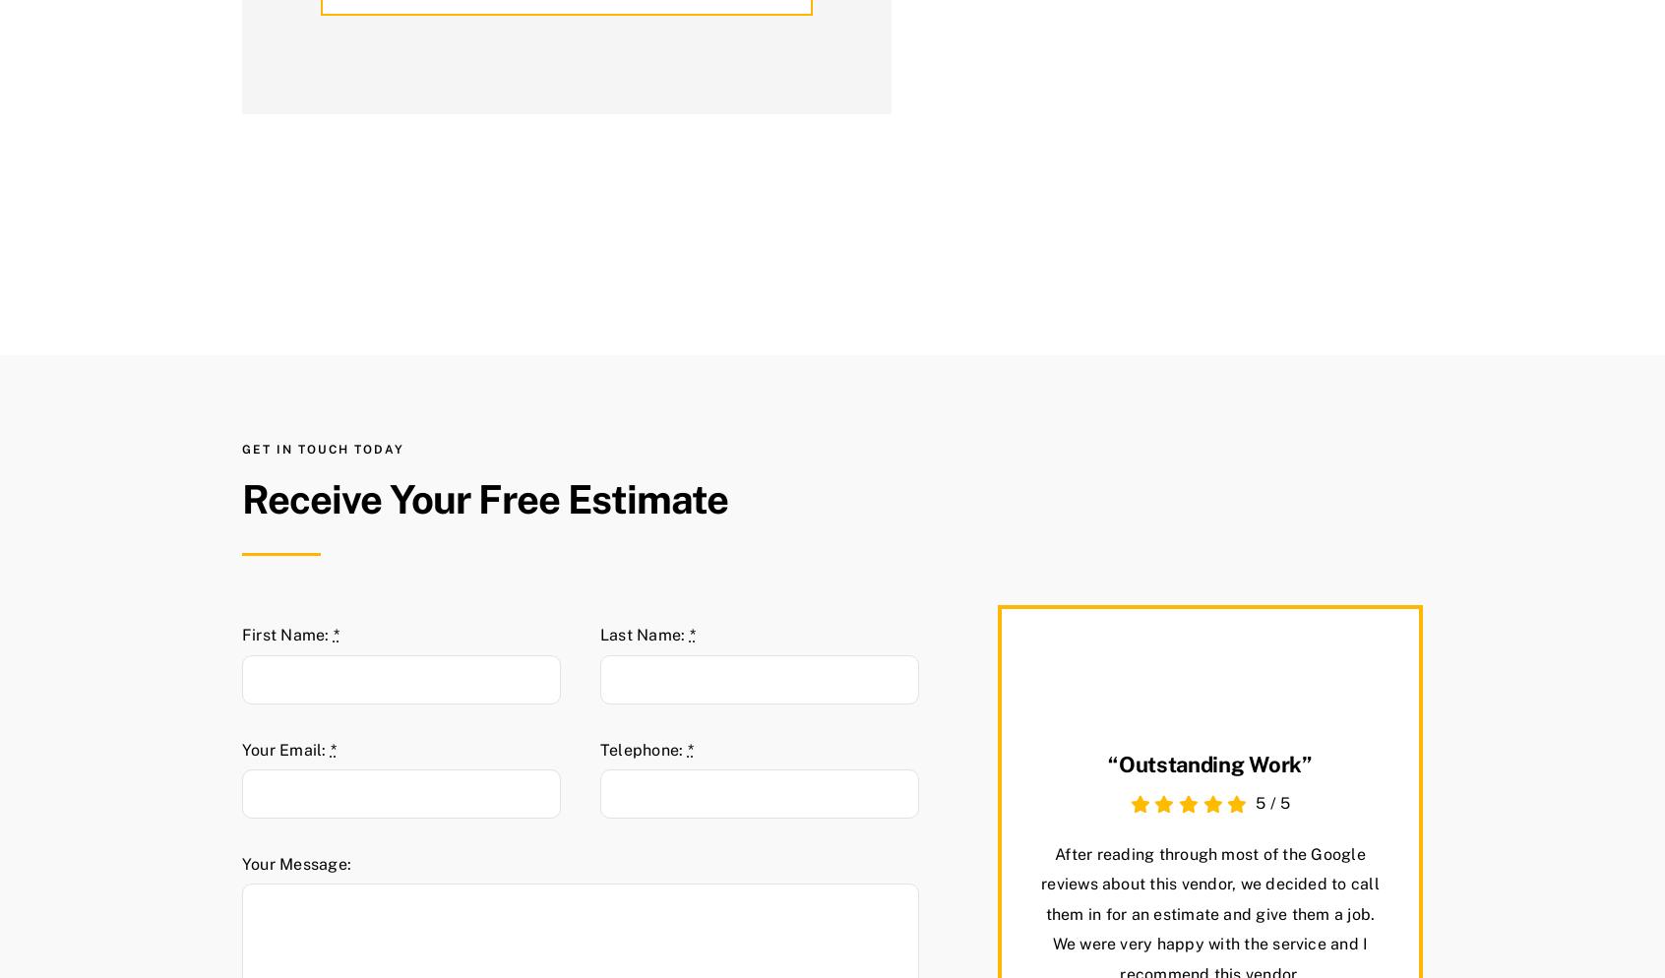 Image resolution: width=1665 pixels, height=978 pixels. I want to click on 'Telephone:', so click(643, 748).